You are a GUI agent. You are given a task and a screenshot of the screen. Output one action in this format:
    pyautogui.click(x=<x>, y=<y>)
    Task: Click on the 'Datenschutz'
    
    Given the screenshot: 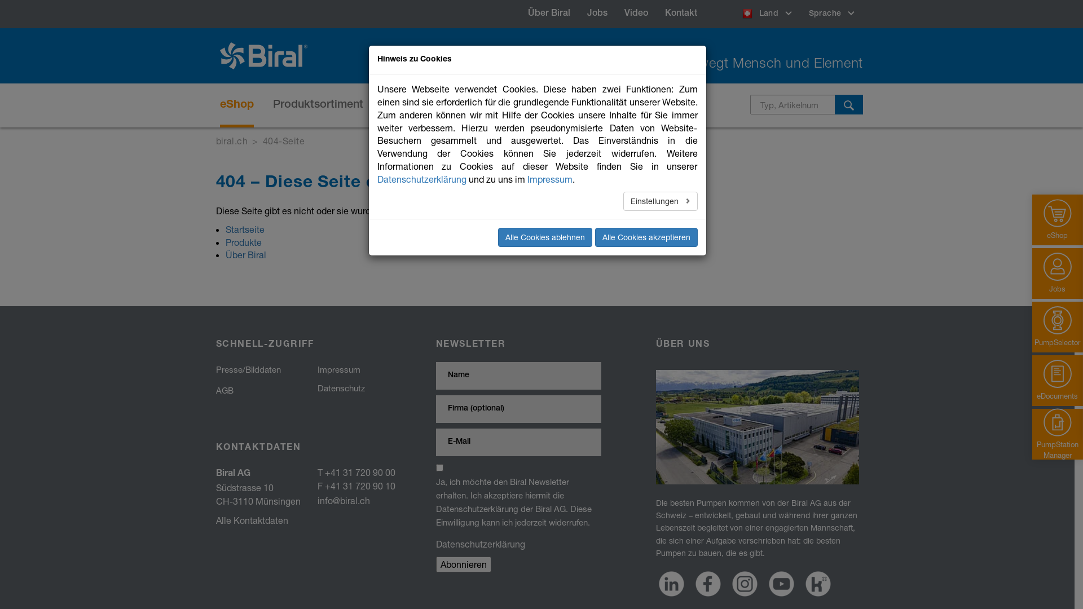 What is the action you would take?
    pyautogui.click(x=340, y=387)
    